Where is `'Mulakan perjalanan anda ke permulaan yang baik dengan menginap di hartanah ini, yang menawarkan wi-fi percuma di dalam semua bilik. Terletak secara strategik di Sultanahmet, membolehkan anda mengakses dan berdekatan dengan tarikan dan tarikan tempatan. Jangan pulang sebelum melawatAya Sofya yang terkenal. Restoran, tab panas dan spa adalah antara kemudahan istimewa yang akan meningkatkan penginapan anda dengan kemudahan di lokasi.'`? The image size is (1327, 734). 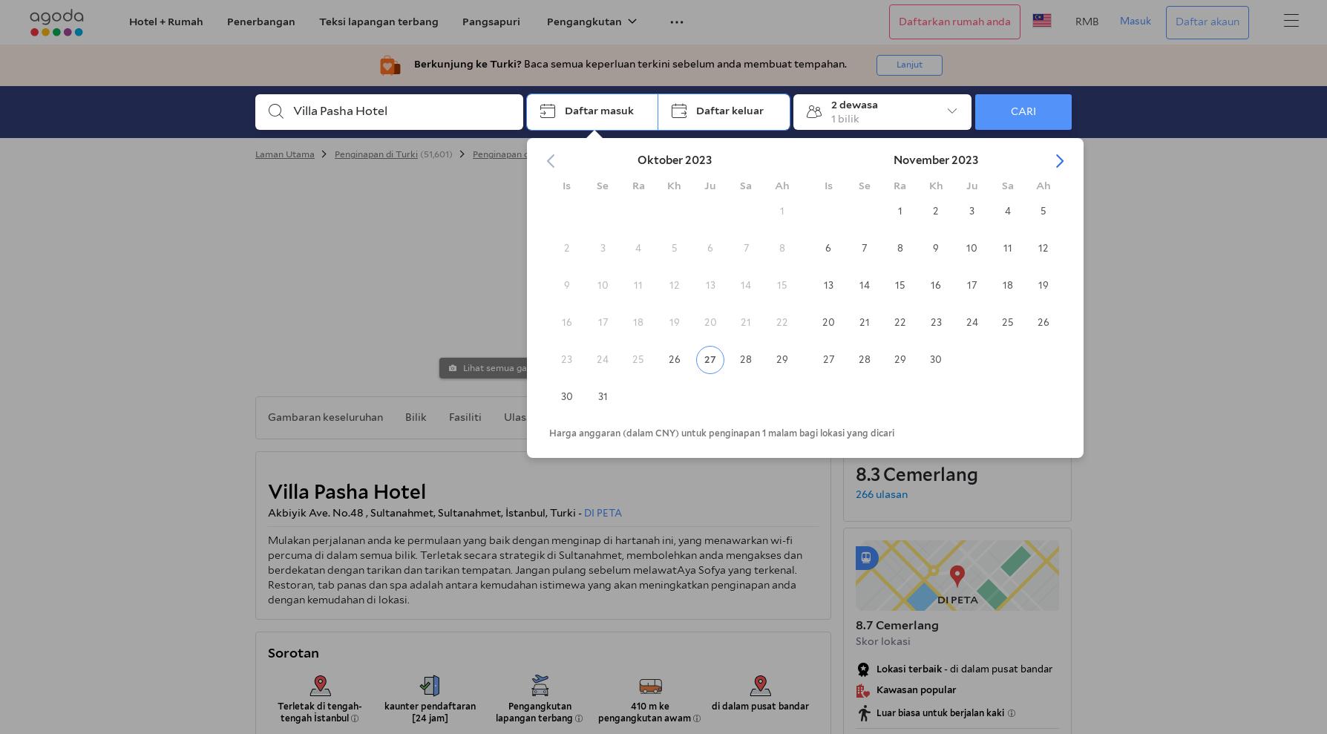 'Mulakan perjalanan anda ke permulaan yang baik dengan menginap di hartanah ini, yang menawarkan wi-fi percuma di dalam semua bilik. Terletak secara strategik di Sultanahmet, membolehkan anda mengakses dan berdekatan dengan tarikan dan tarikan tempatan. Jangan pulang sebelum melawatAya Sofya yang terkenal. Restoran, tab panas dan spa adalah antara kemudahan istimewa yang akan meningkatkan penginapan anda dengan kemudahan di lokasi.' is located at coordinates (534, 569).